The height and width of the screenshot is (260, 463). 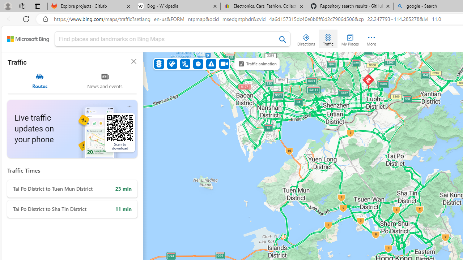 I want to click on 'Tai Po District to Tuen Mun District', so click(x=72, y=188).